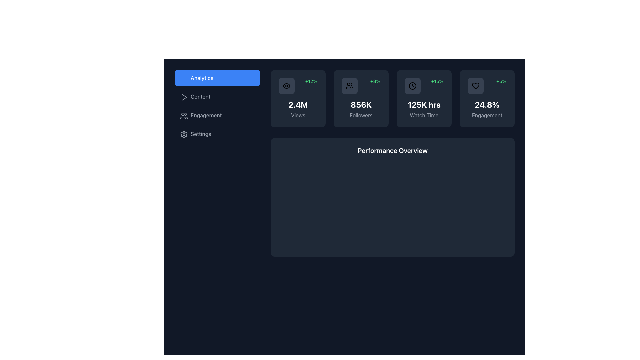 This screenshot has height=360, width=640. Describe the element at coordinates (475, 86) in the screenshot. I see `the heart-shaped icon within the dark gray, rounded rectangle located at the top-right corner of the dashboard view` at that location.